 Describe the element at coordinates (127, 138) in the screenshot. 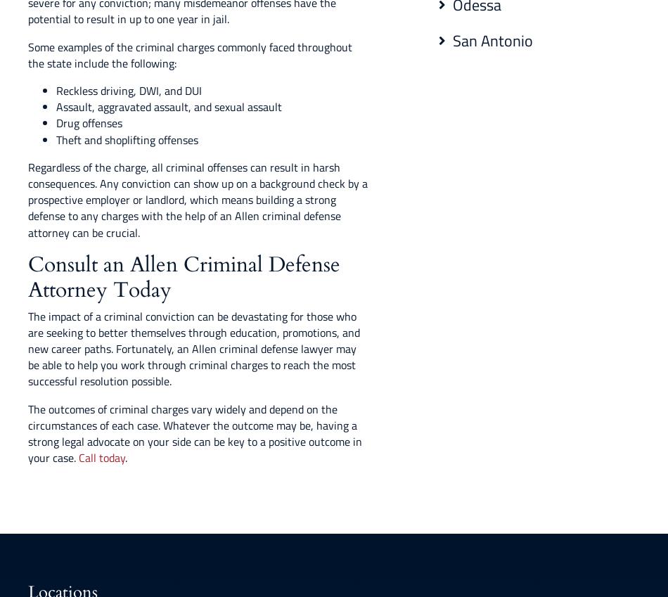

I see `'Theft and shoplifting offenses'` at that location.